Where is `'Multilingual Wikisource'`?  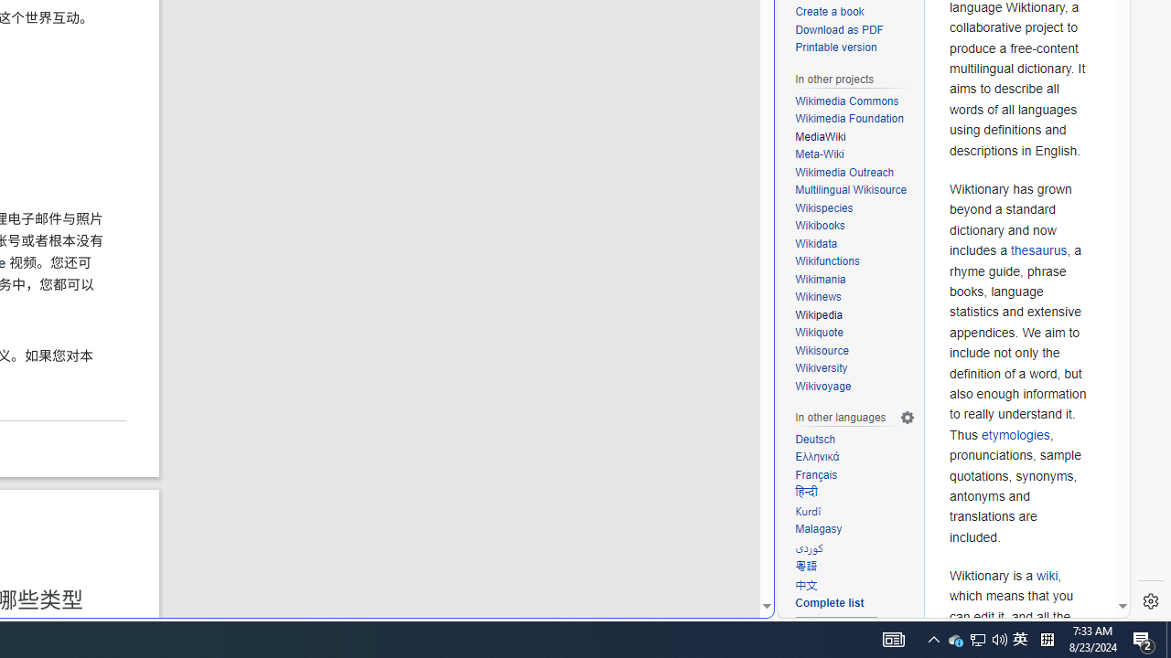
'Multilingual Wikisource' is located at coordinates (854, 190).